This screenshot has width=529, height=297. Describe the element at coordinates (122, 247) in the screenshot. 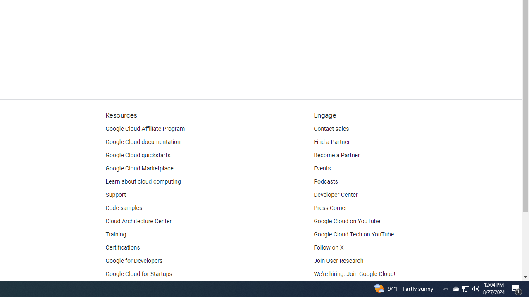

I see `'Certifications'` at that location.